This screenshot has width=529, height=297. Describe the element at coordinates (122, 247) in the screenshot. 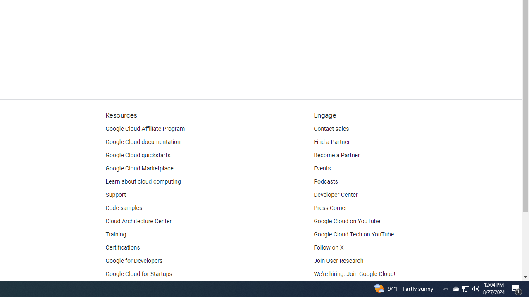

I see `'Certifications'` at that location.